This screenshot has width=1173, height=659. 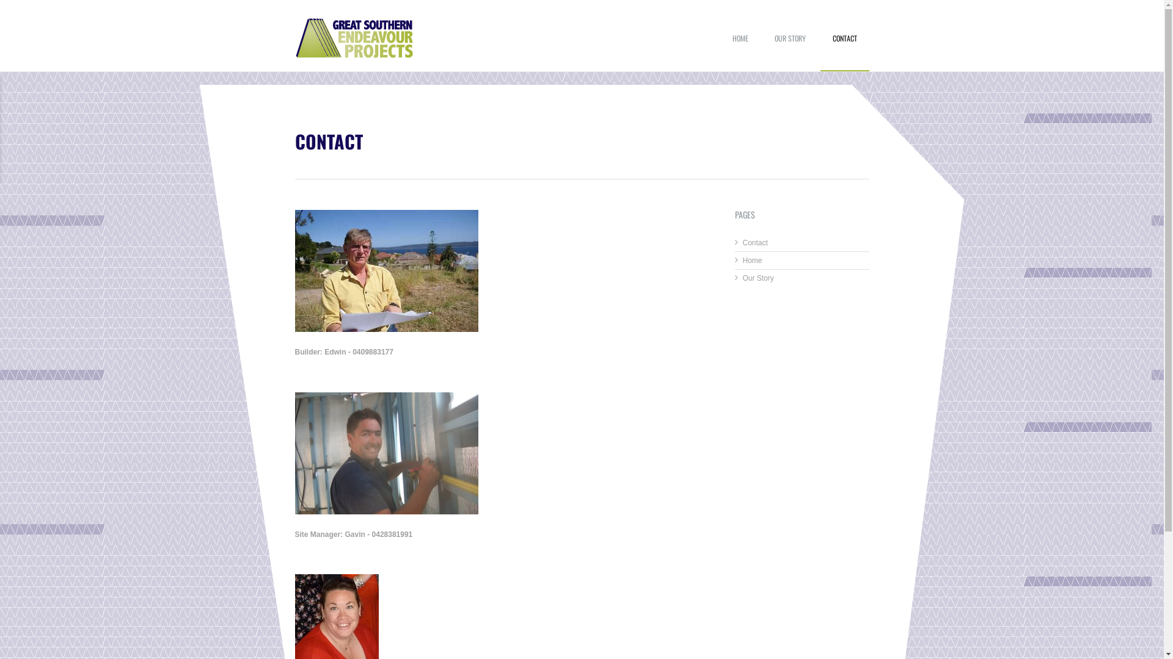 What do you see at coordinates (758, 278) in the screenshot?
I see `'Our Story'` at bounding box center [758, 278].